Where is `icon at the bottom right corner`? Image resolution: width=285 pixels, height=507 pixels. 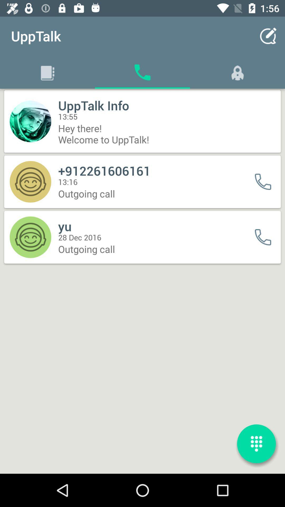 icon at the bottom right corner is located at coordinates (256, 444).